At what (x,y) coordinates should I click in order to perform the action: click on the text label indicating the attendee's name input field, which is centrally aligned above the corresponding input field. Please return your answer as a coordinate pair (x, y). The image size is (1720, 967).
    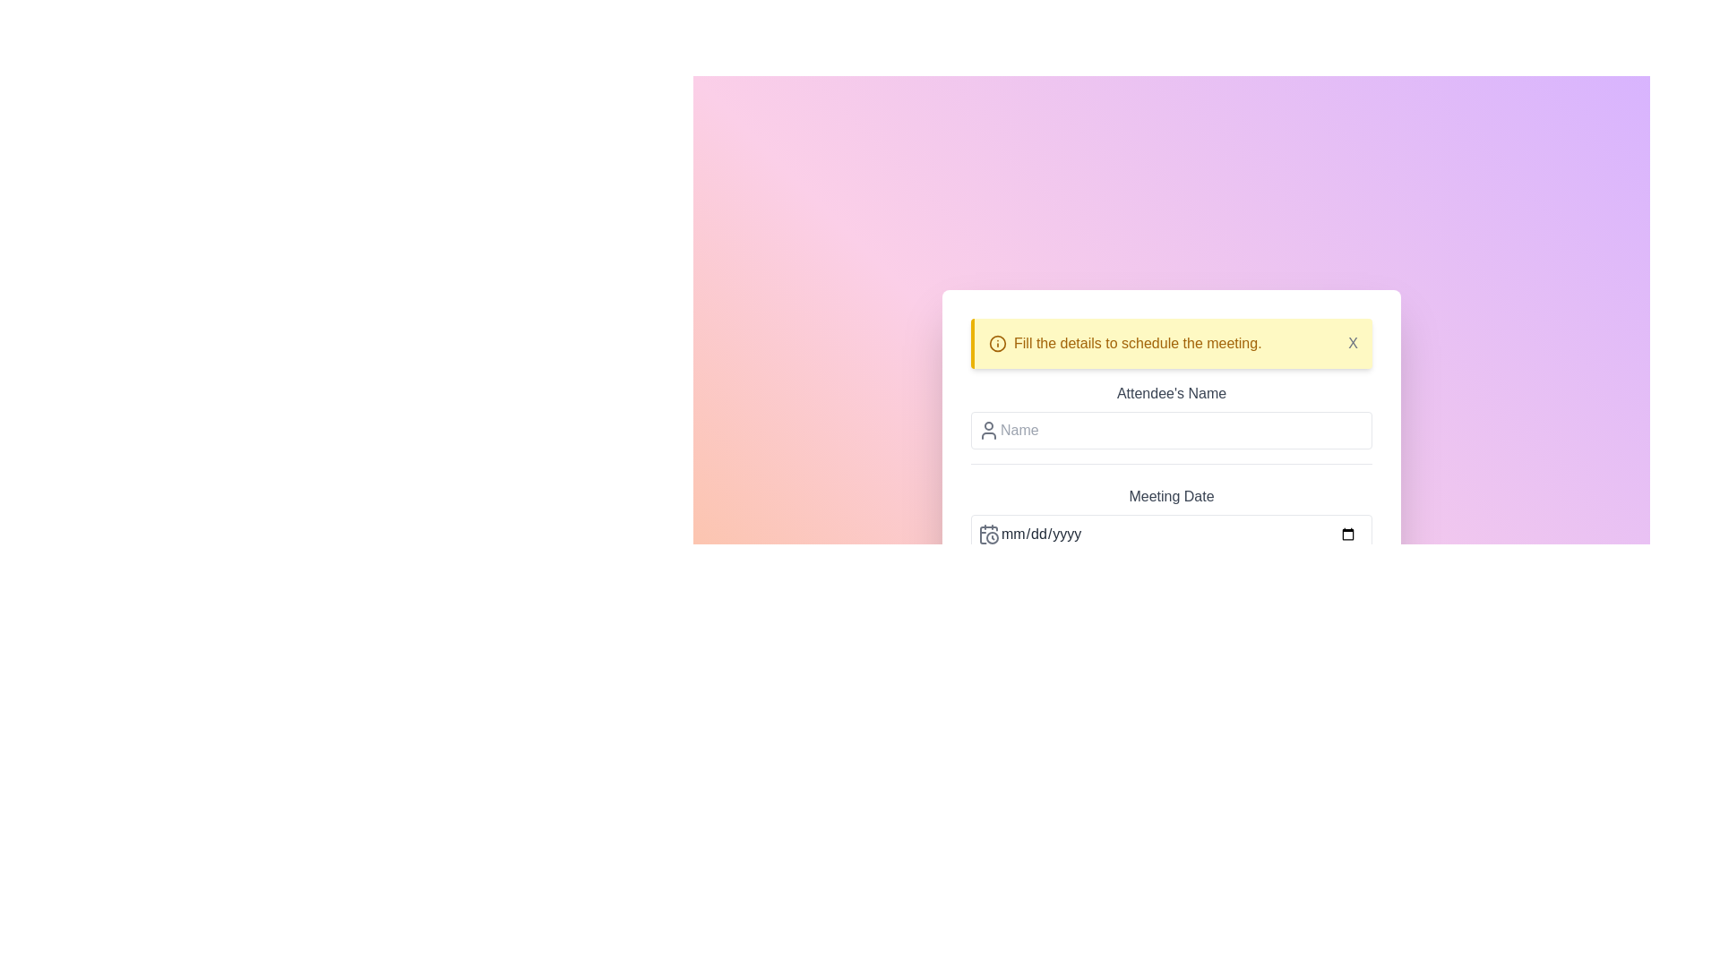
    Looking at the image, I should click on (1171, 392).